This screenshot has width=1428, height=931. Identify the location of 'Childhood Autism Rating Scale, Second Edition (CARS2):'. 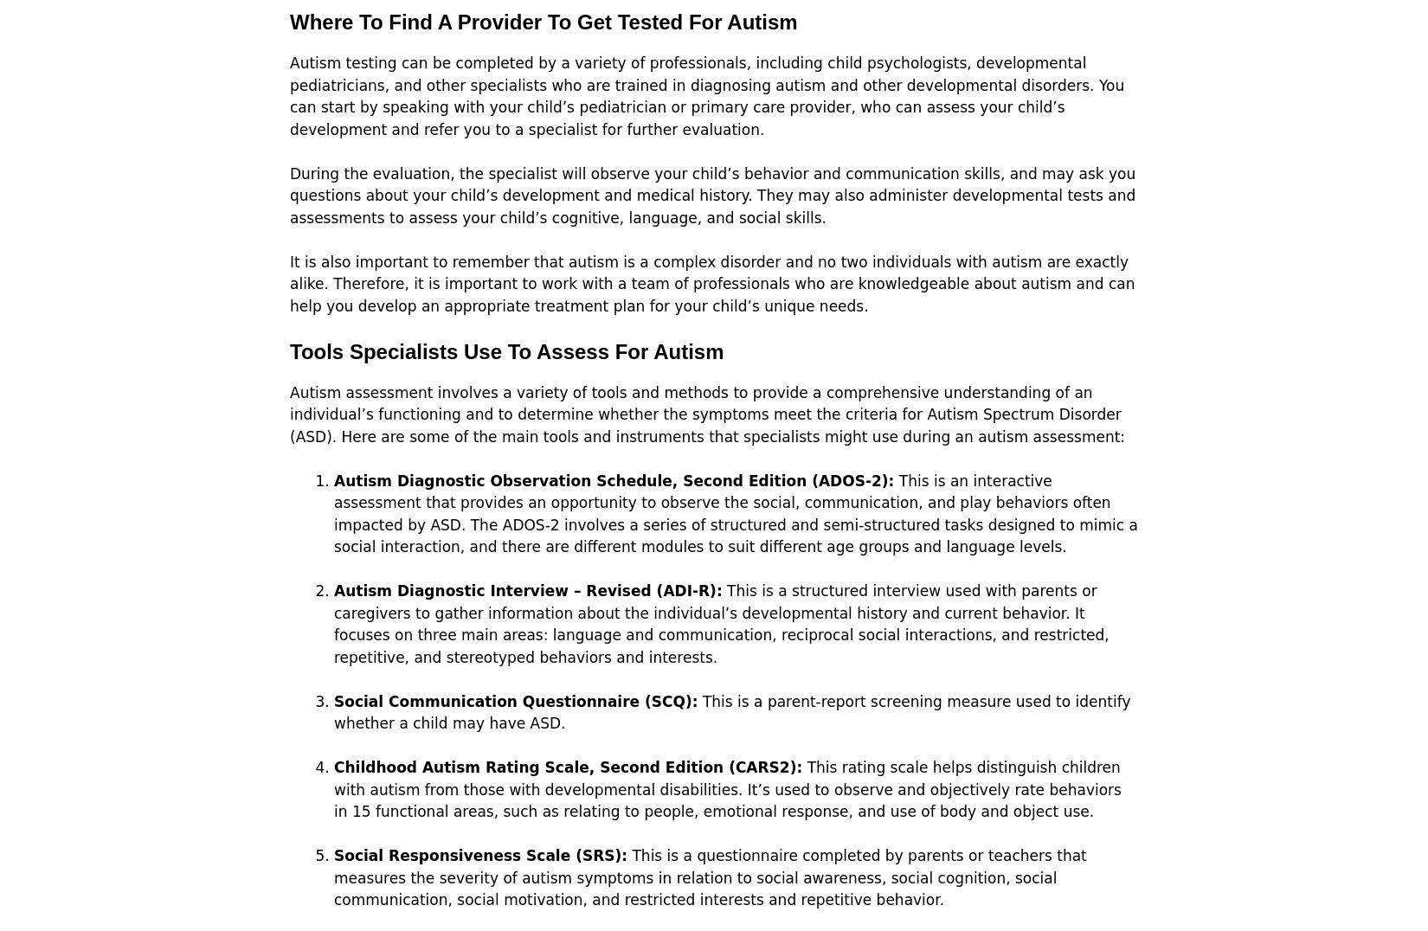
(567, 767).